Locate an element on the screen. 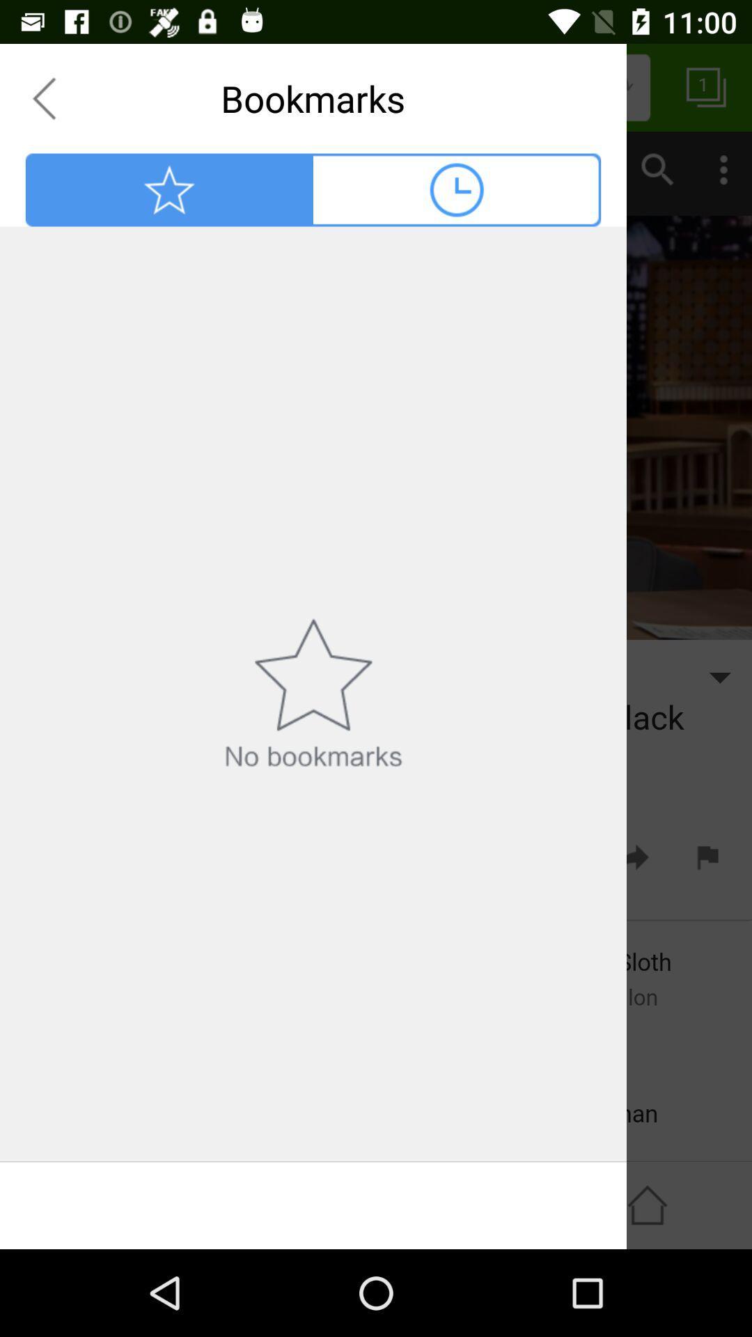 Image resolution: width=752 pixels, height=1337 pixels. goes back is located at coordinates (42, 97).